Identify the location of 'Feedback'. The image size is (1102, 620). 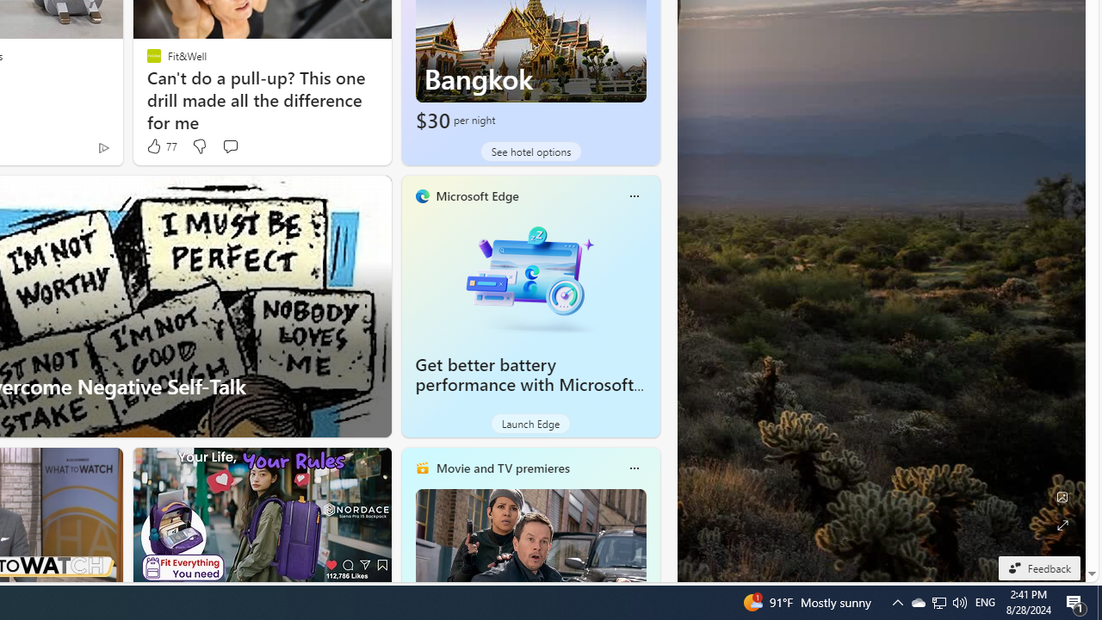
(1037, 567).